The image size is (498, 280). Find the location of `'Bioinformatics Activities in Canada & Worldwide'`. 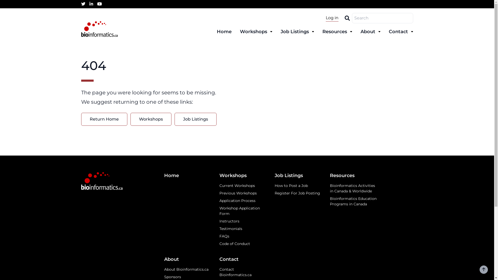

'Bioinformatics Activities in Canada & Worldwide' is located at coordinates (353, 188).